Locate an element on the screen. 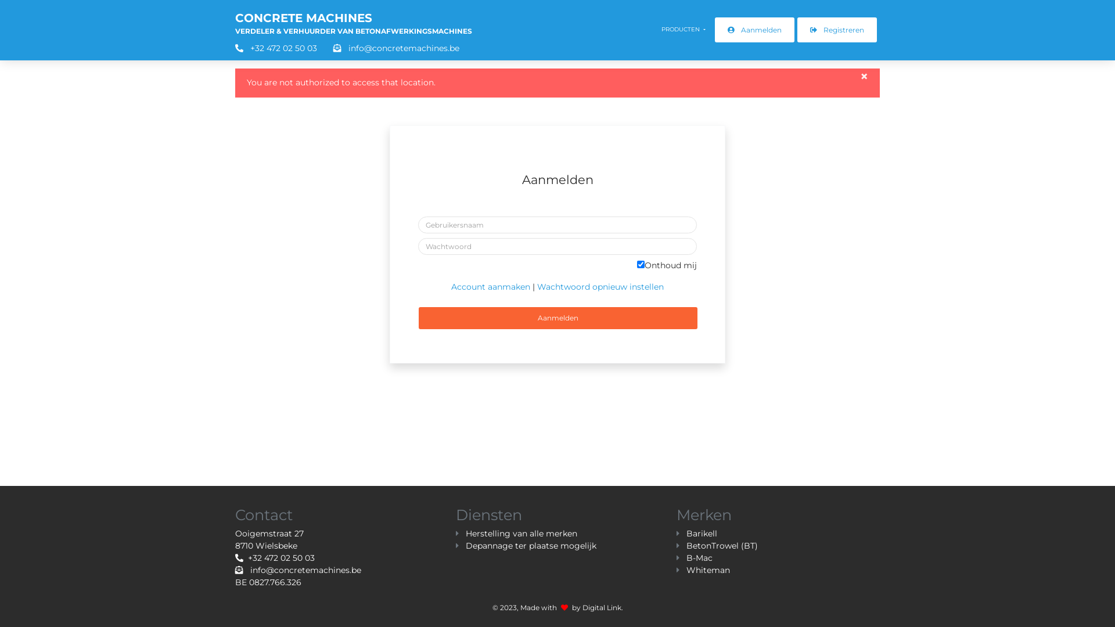  '+32 472 02 50 03' is located at coordinates (274, 557).